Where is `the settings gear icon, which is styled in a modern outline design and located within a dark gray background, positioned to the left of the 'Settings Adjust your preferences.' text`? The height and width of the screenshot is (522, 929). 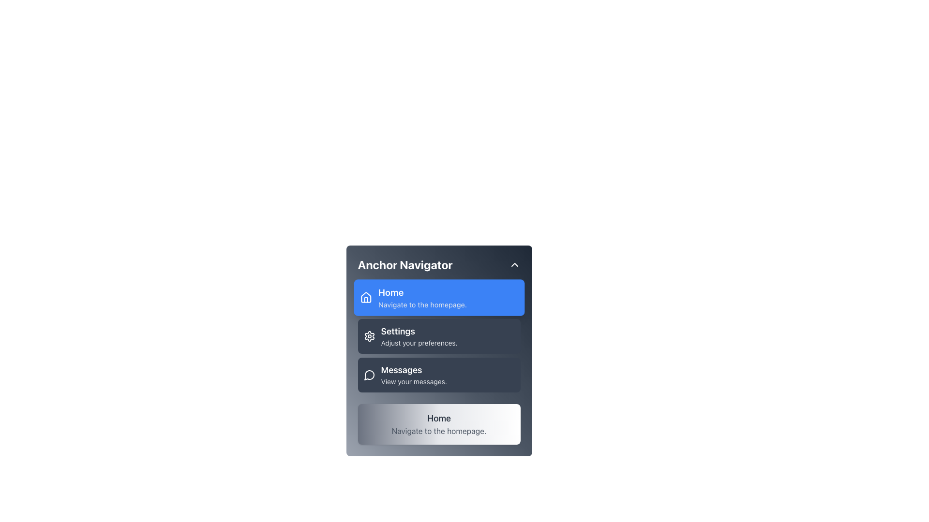 the settings gear icon, which is styled in a modern outline design and located within a dark gray background, positioned to the left of the 'Settings Adjust your preferences.' text is located at coordinates (369, 335).